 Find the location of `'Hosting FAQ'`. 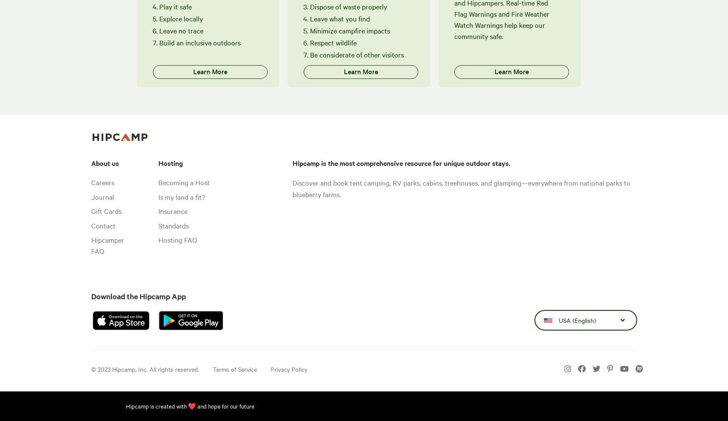

'Hosting FAQ' is located at coordinates (177, 239).